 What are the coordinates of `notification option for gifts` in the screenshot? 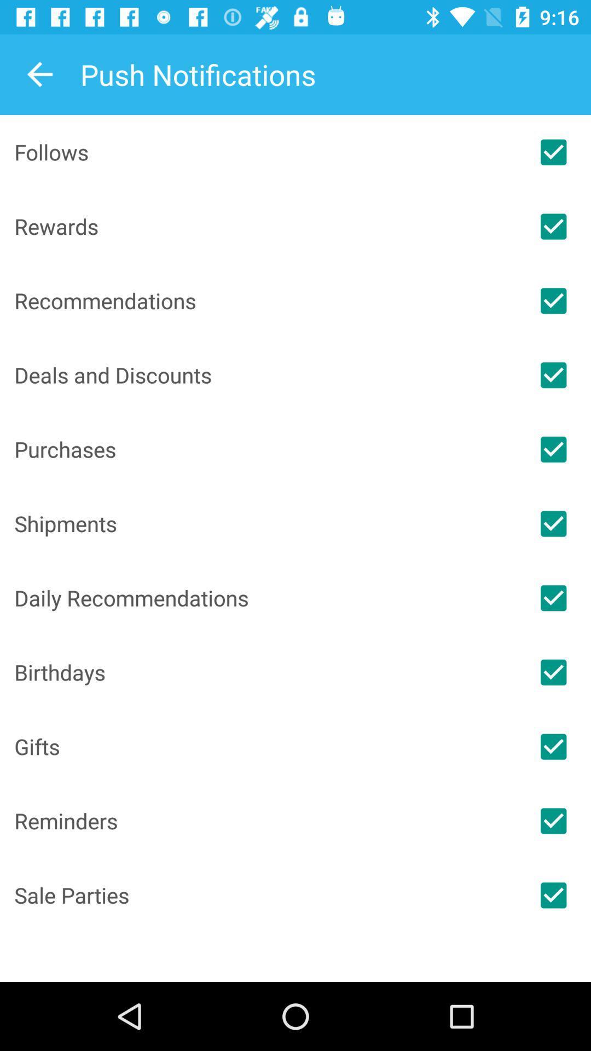 It's located at (553, 746).